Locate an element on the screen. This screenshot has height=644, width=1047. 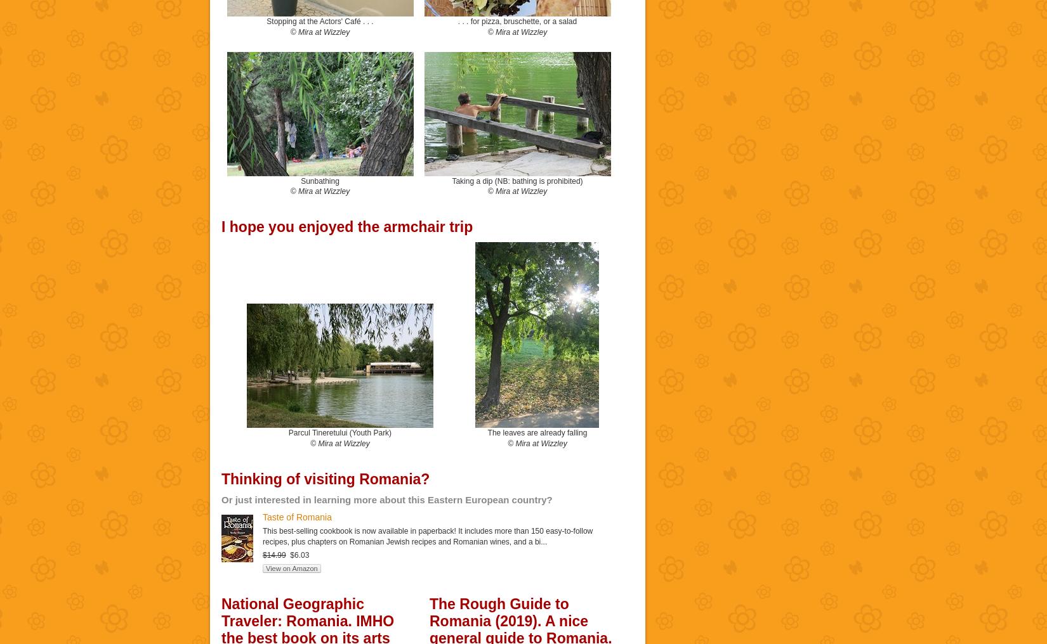
'View on Amazon' is located at coordinates (291, 567).